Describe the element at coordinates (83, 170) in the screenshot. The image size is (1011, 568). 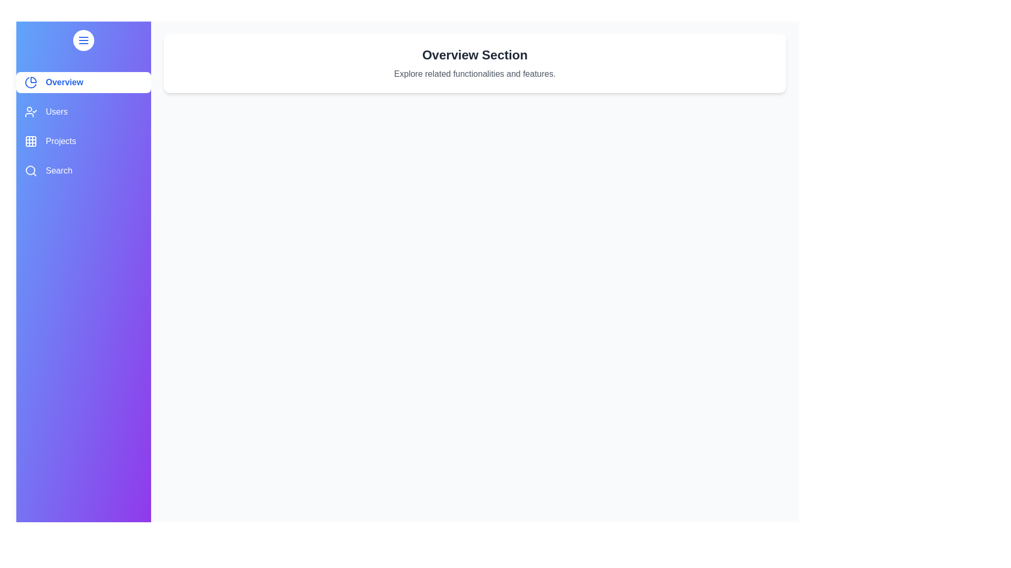
I see `the Search tab in the sidebar to select it` at that location.